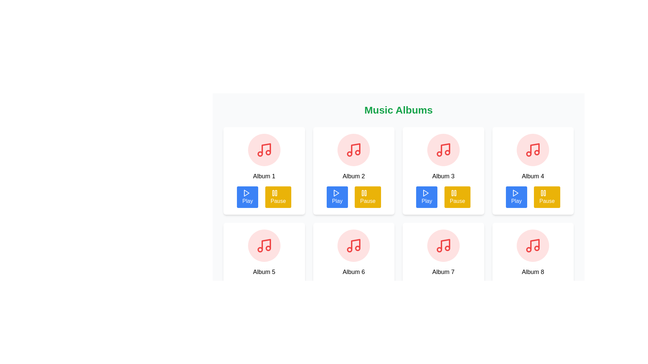 The height and width of the screenshot is (364, 648). What do you see at coordinates (264, 149) in the screenshot?
I see `the music note icon, which consists of two connected eighth notes outlined in red and situated inside a light pink circular background, located within the 'Album 1' card` at bounding box center [264, 149].